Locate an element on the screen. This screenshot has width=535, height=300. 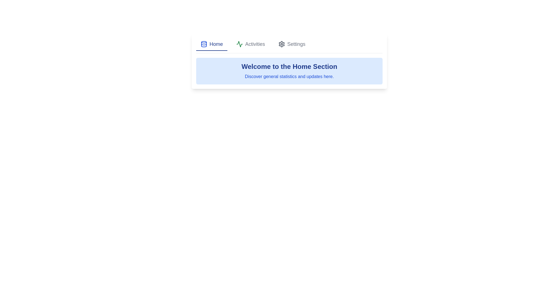
the Settings tab by clicking on its corresponding button is located at coordinates (291, 44).